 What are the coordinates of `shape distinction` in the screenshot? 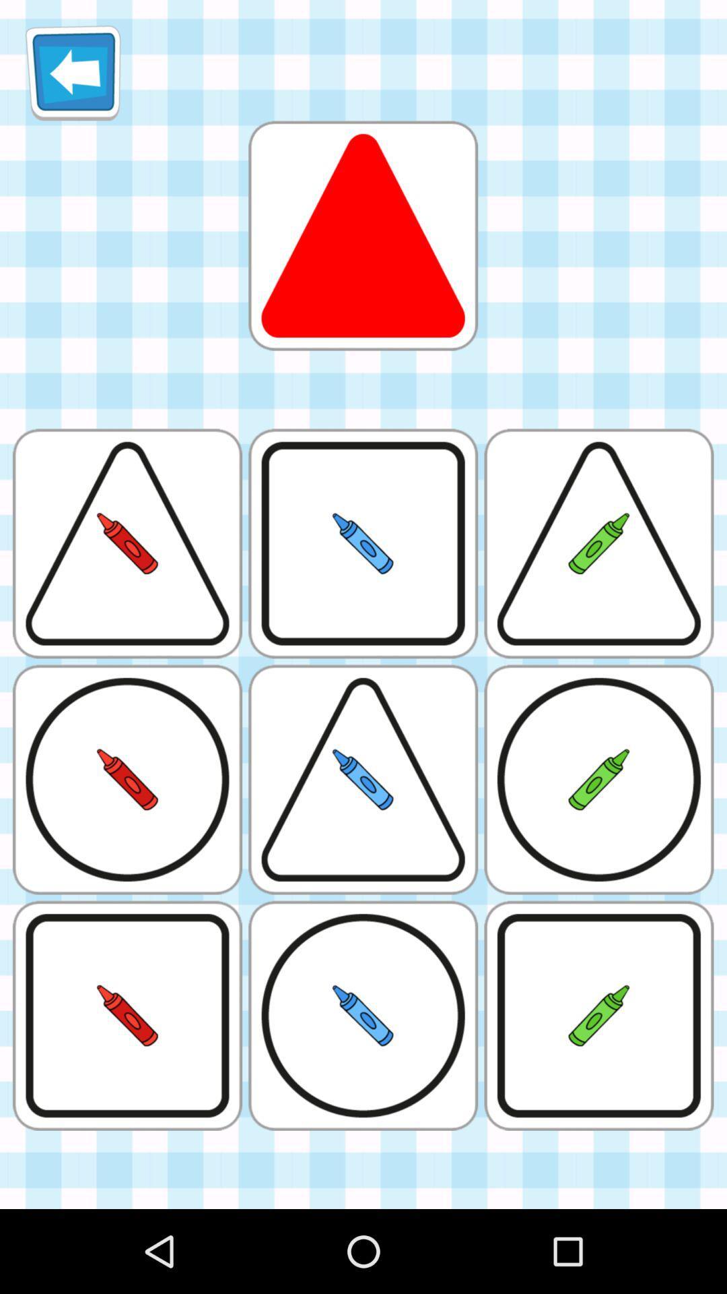 It's located at (362, 235).